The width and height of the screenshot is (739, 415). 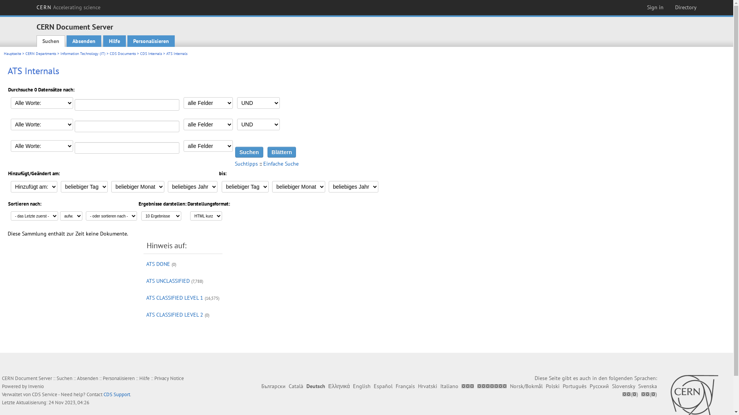 What do you see at coordinates (83, 53) in the screenshot?
I see `'Information Technology (IT)'` at bounding box center [83, 53].